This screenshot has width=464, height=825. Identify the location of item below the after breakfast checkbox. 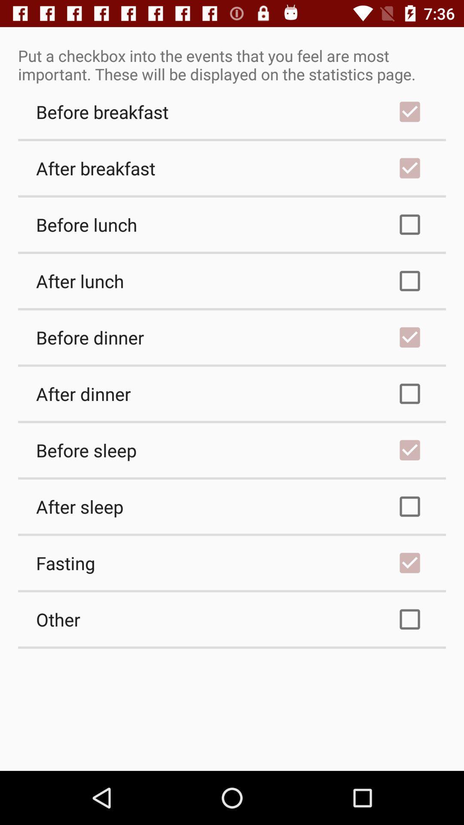
(232, 224).